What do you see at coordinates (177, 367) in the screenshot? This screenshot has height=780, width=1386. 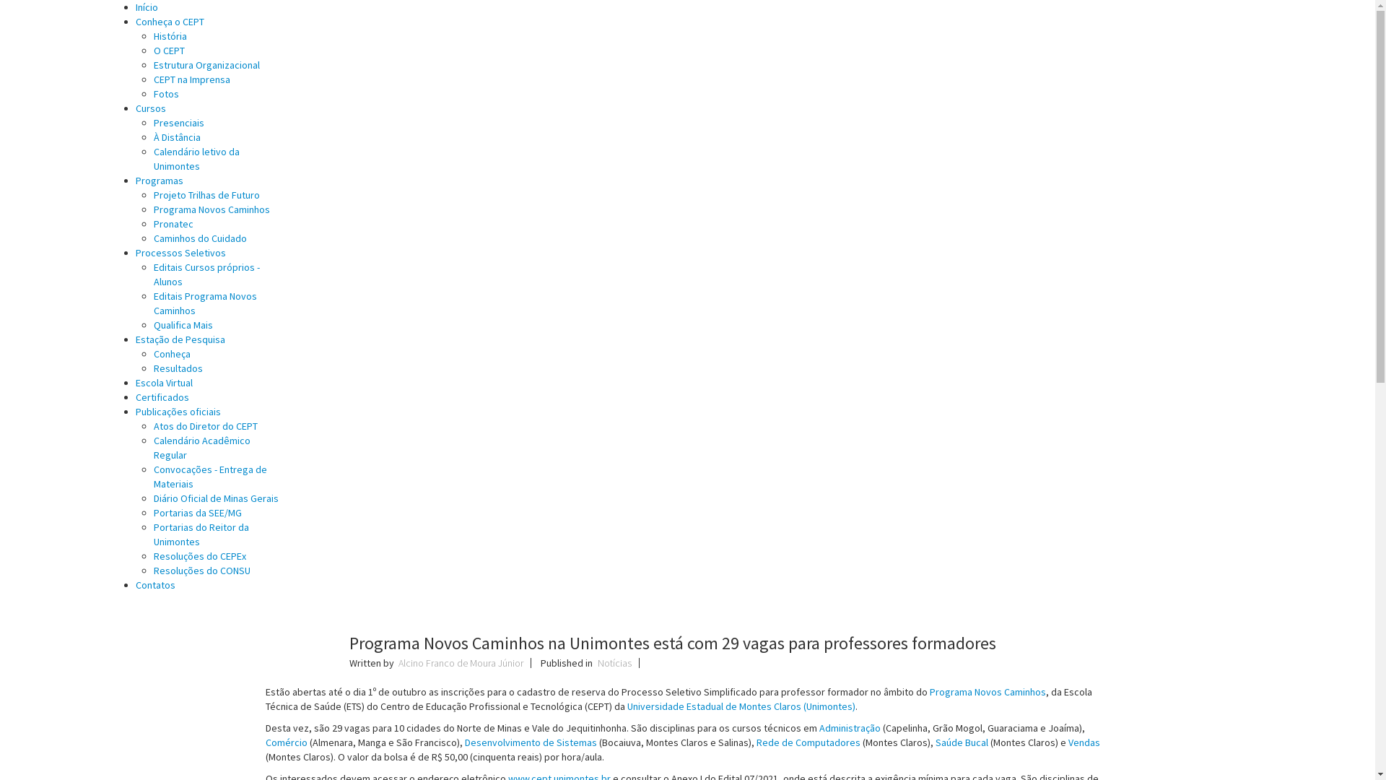 I see `'Resultados'` at bounding box center [177, 367].